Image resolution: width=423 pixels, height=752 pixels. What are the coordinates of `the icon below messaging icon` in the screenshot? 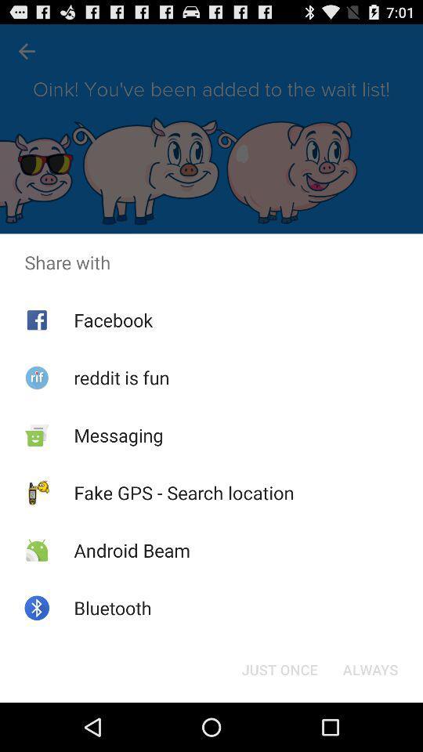 It's located at (183, 492).